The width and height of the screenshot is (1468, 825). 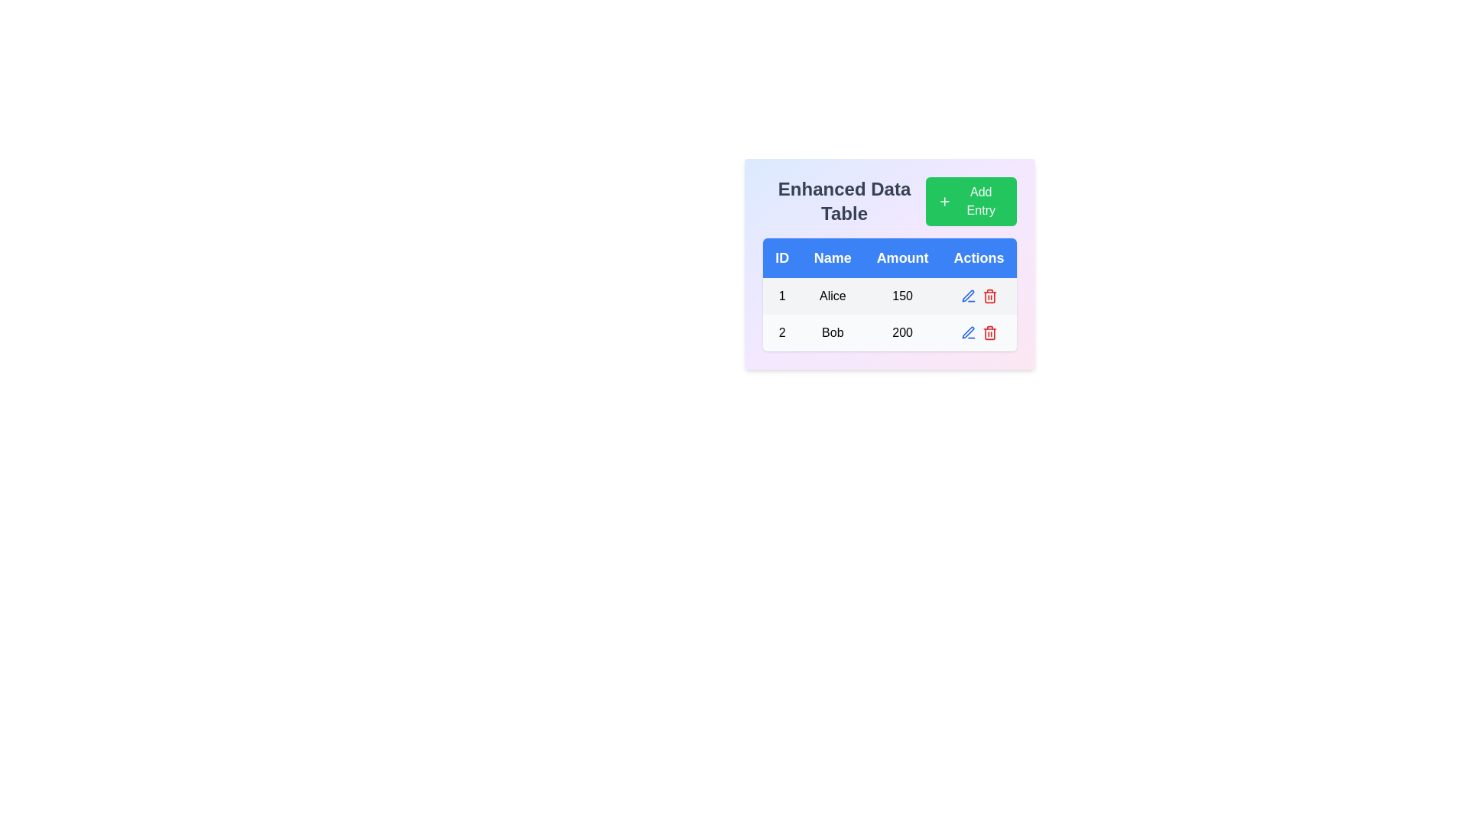 What do you see at coordinates (967, 296) in the screenshot?
I see `the edit button icon in the Actions column of the second row` at bounding box center [967, 296].